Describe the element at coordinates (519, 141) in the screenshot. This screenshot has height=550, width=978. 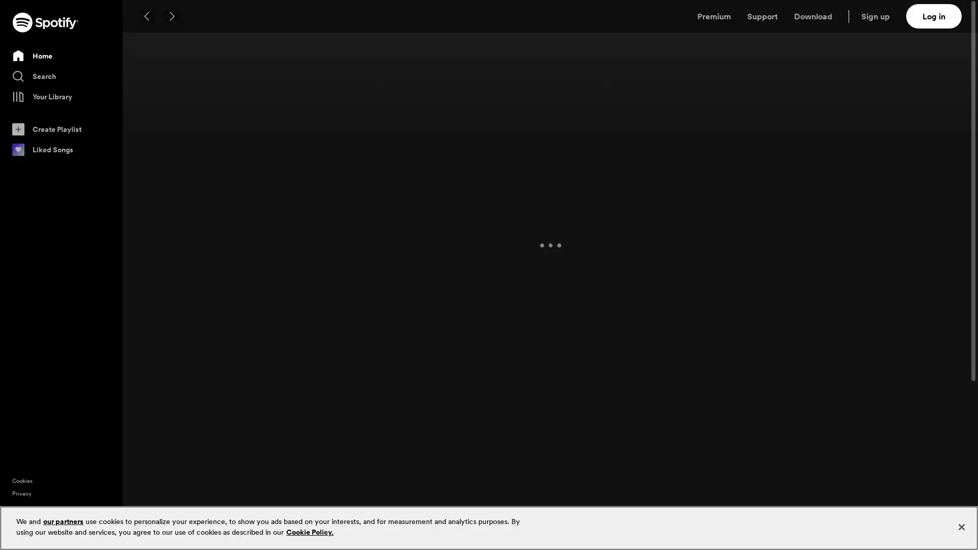
I see `Play Fresh Finds Dance` at that location.